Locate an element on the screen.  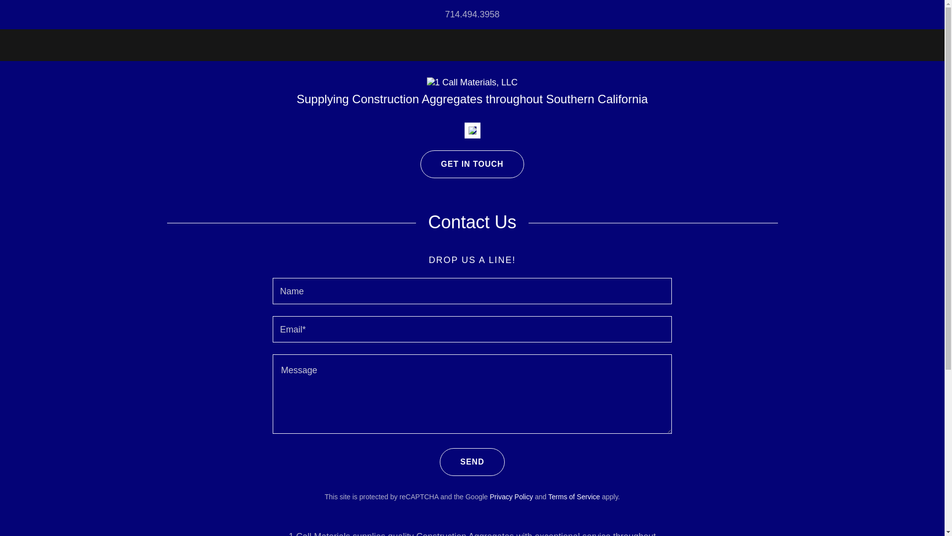
'714.494.3958' is located at coordinates (471, 14).